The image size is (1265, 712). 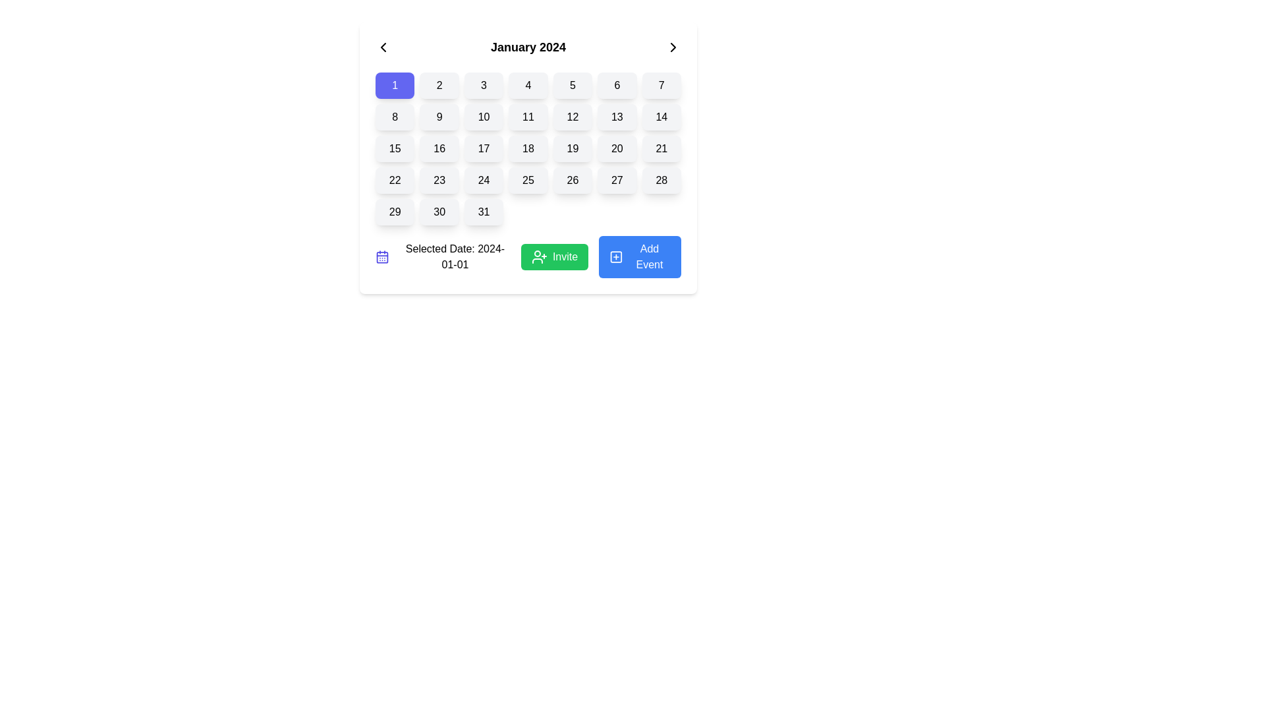 I want to click on the specific day cell in the calendar grid, so click(x=528, y=148).